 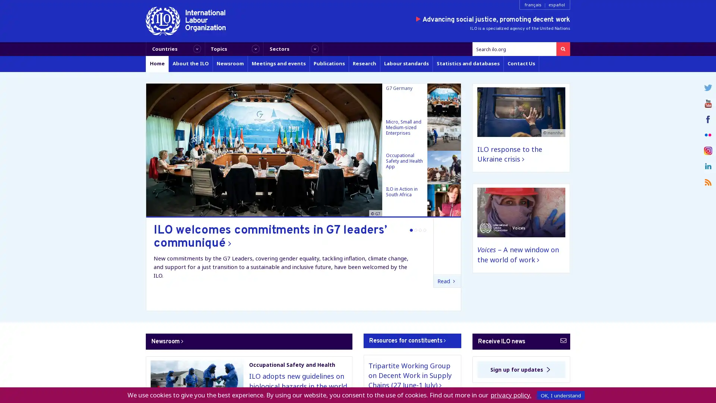 I want to click on Search, so click(x=563, y=49).